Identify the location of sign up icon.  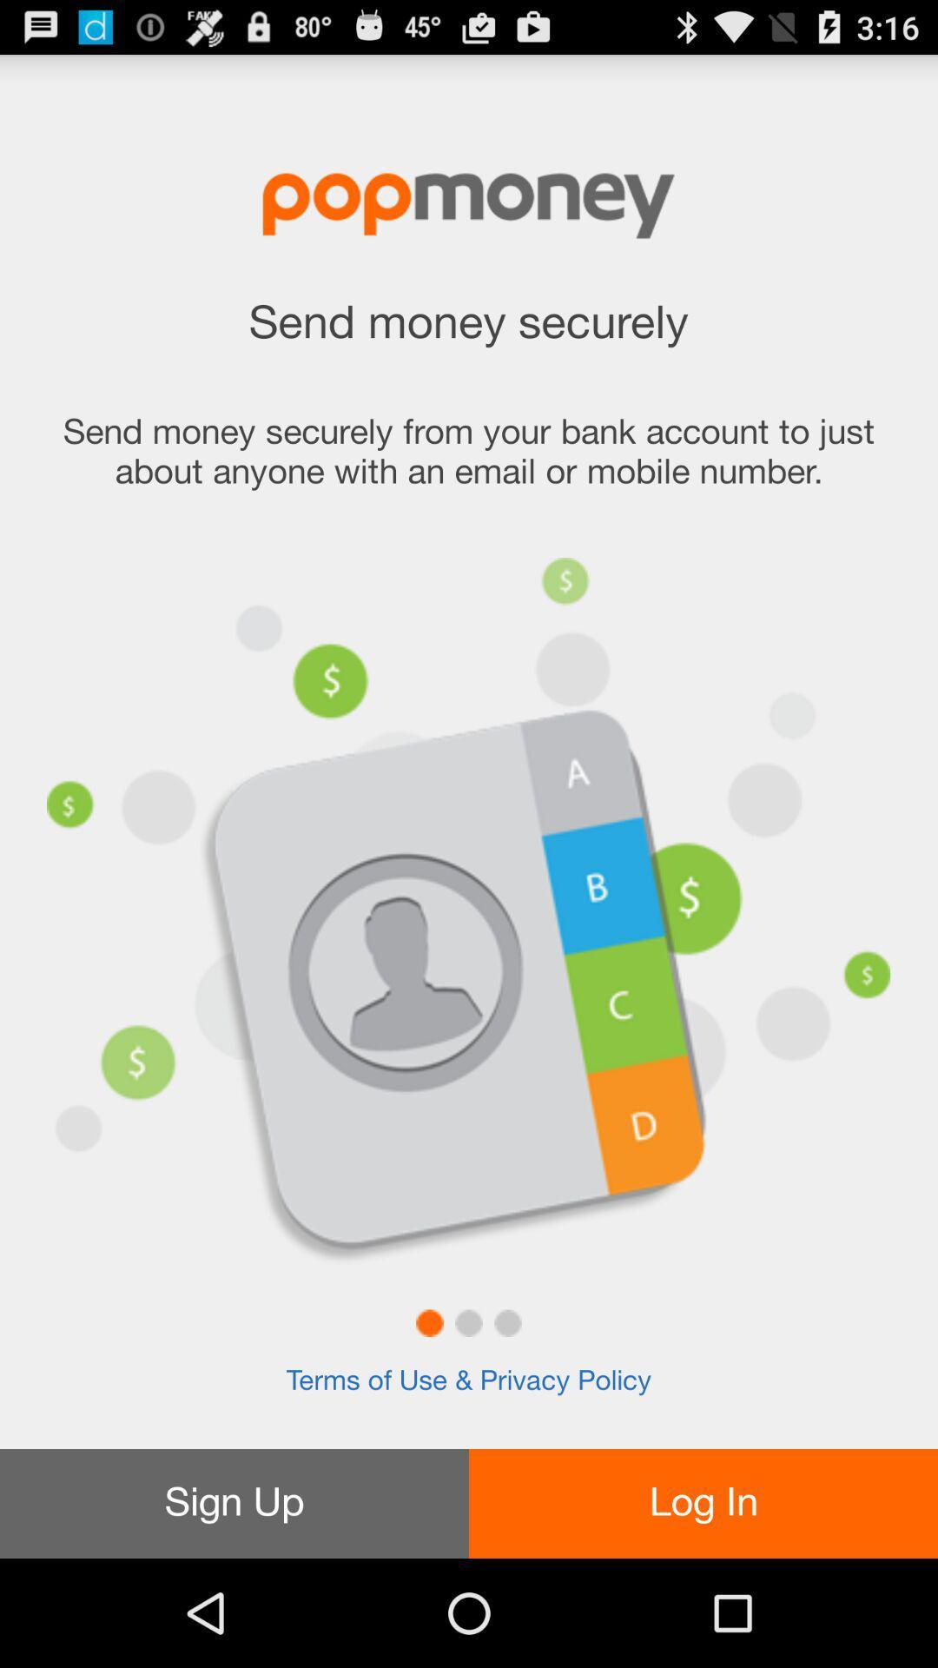
(234, 1503).